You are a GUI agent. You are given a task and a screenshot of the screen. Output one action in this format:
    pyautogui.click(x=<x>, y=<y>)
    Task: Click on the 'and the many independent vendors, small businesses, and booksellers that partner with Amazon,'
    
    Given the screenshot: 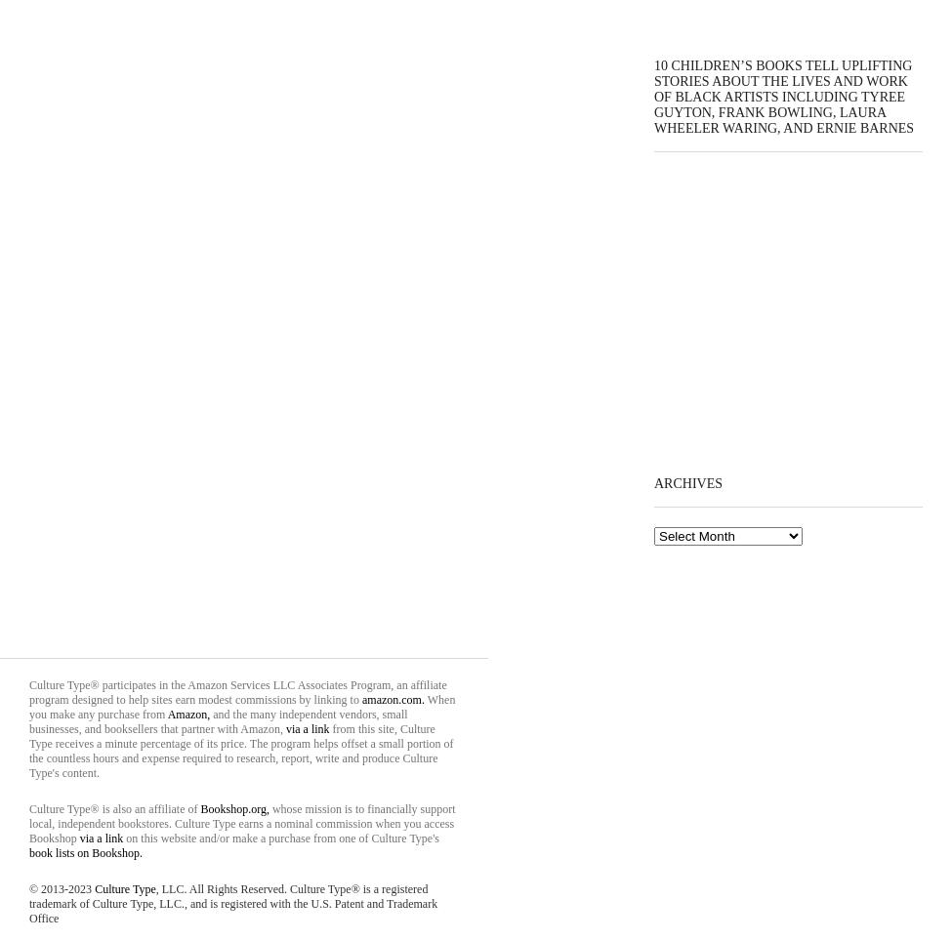 What is the action you would take?
    pyautogui.click(x=218, y=719)
    